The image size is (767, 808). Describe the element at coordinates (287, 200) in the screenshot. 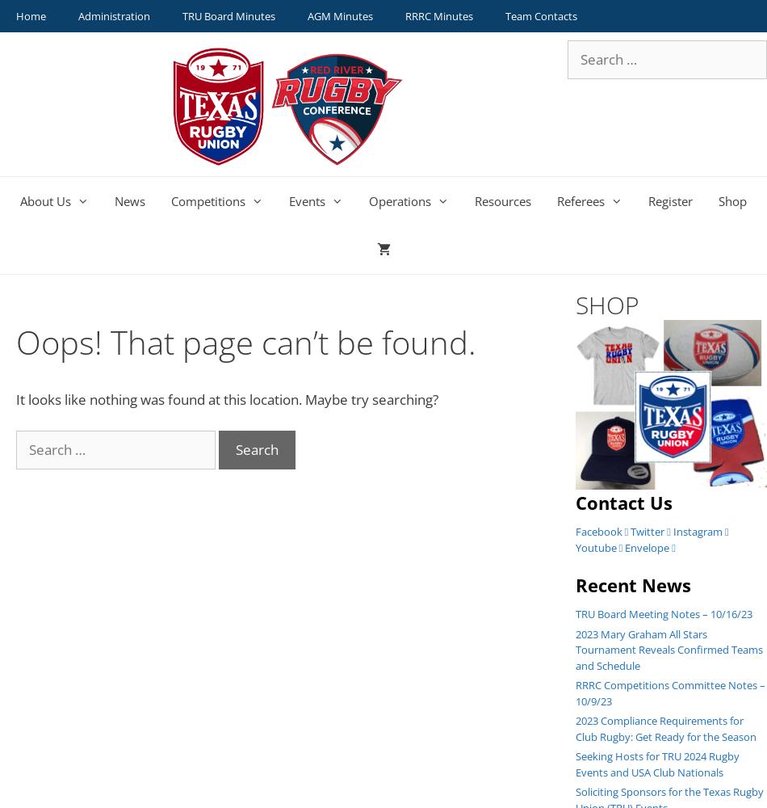

I see `'Events'` at that location.